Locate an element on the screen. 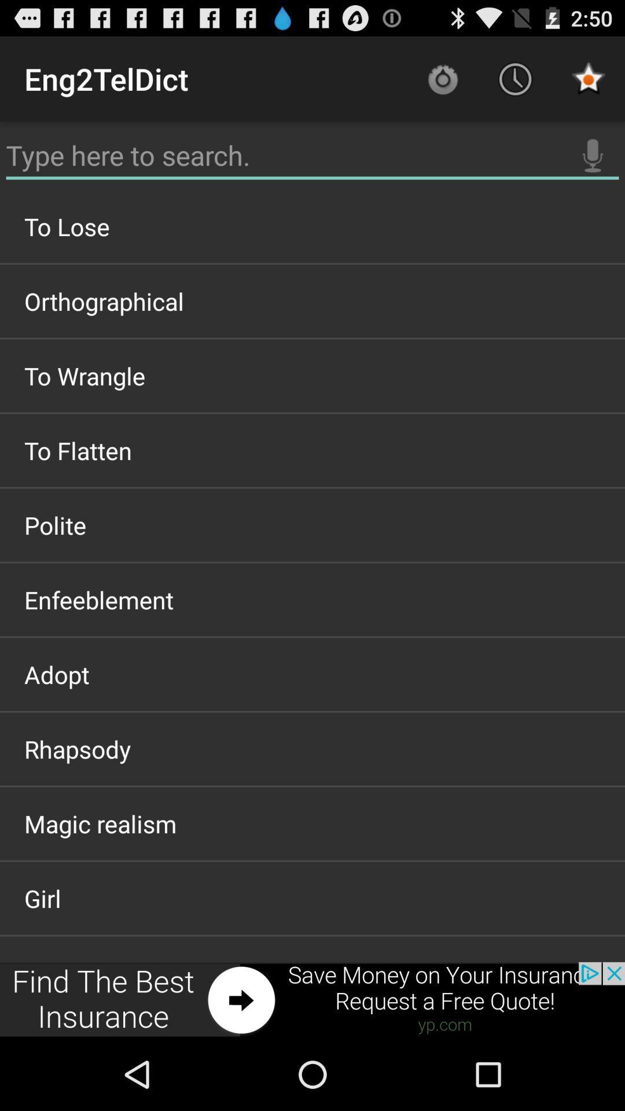  item below the girl icon is located at coordinates (312, 999).